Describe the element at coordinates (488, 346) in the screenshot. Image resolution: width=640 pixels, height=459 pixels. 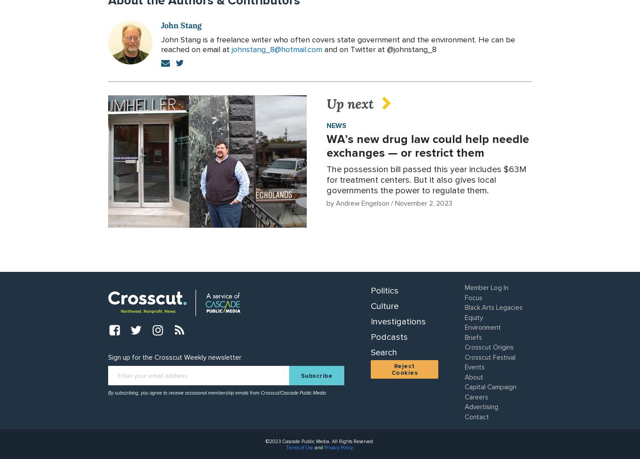
I see `'Crosscut Origins'` at that location.